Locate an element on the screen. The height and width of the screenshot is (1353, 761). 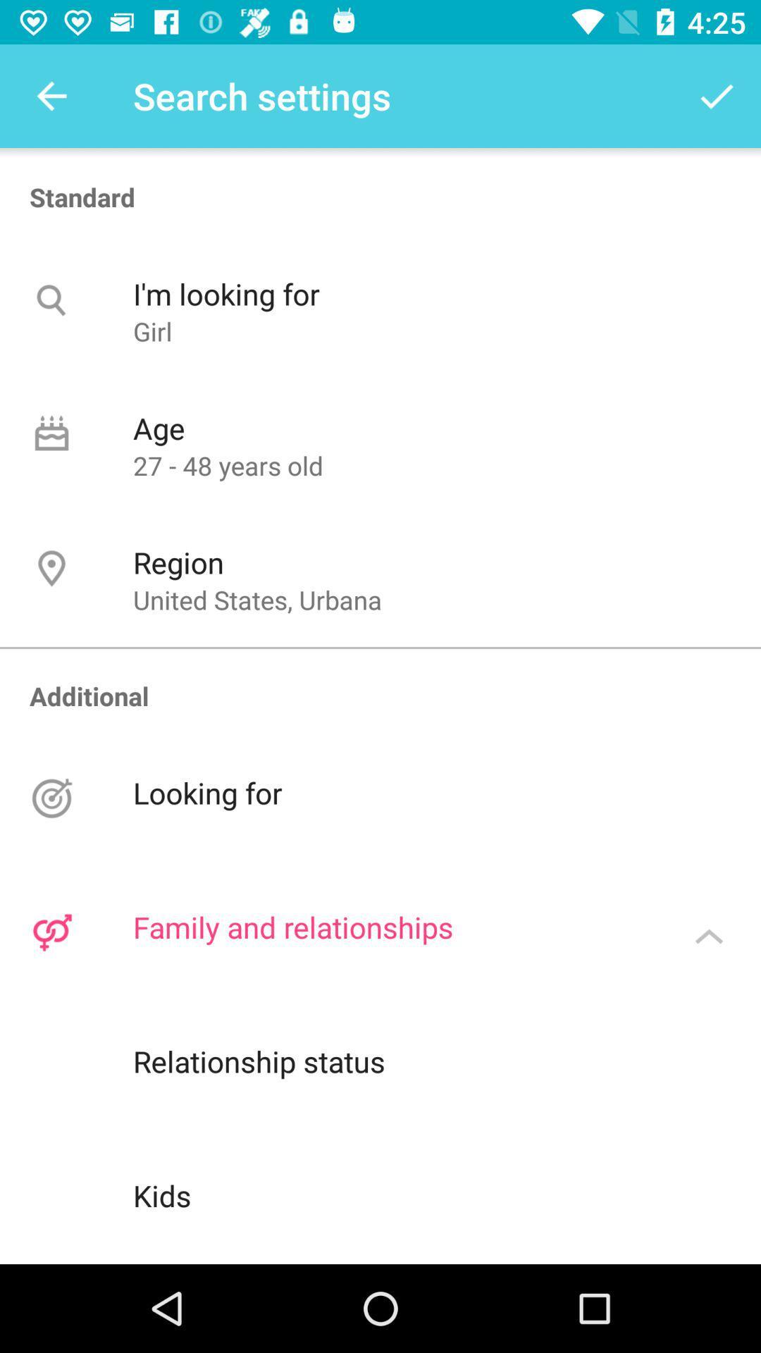
app to the left of search settings app is located at coordinates (51, 95).